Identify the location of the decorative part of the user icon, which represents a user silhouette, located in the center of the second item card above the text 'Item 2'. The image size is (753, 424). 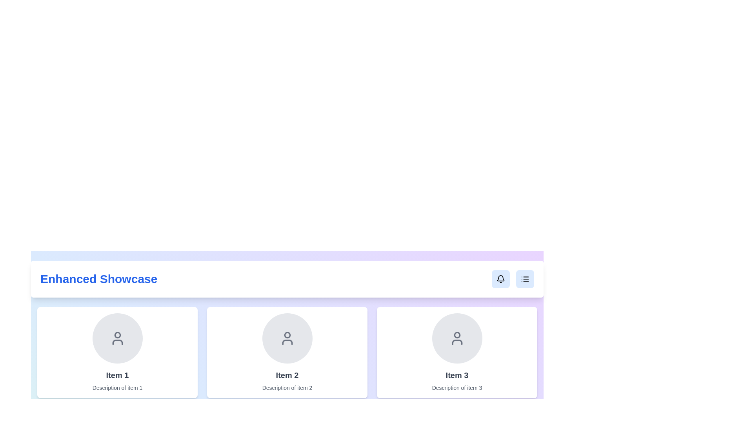
(287, 342).